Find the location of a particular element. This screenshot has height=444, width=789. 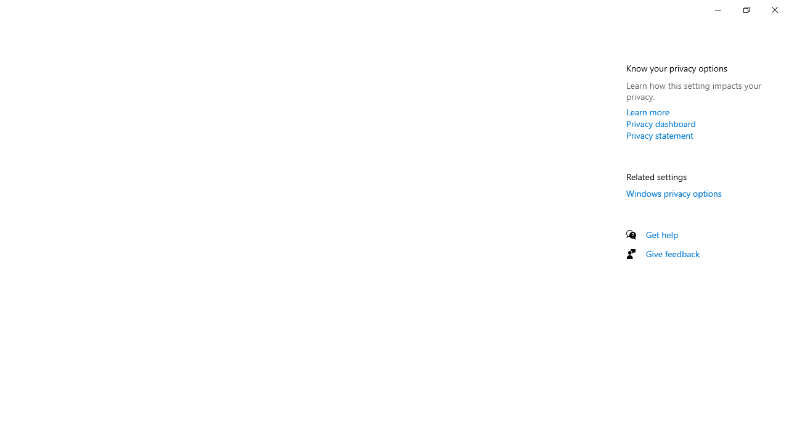

'Close Settings' is located at coordinates (774, 9).